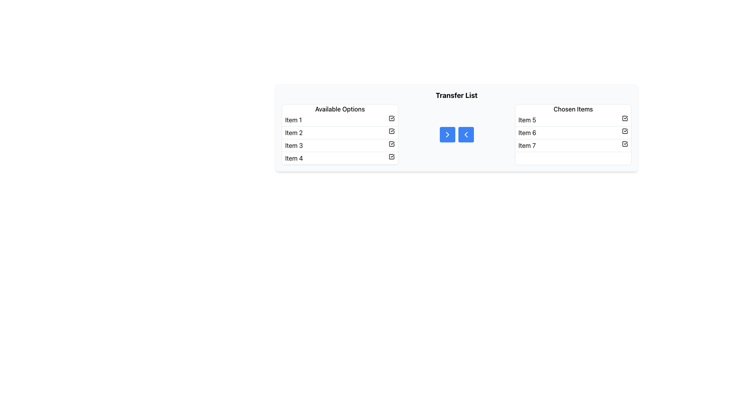  I want to click on the checkbox with a black checkmark icon located to the far right of the 'Item 6' entry within the 'Chosen Items' list, so click(625, 131).